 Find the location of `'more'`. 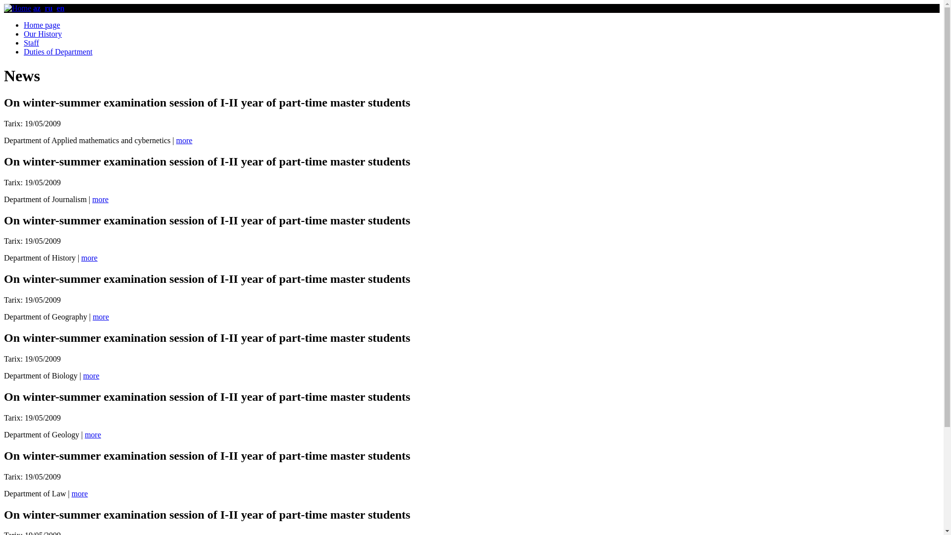

'more' is located at coordinates (71, 493).